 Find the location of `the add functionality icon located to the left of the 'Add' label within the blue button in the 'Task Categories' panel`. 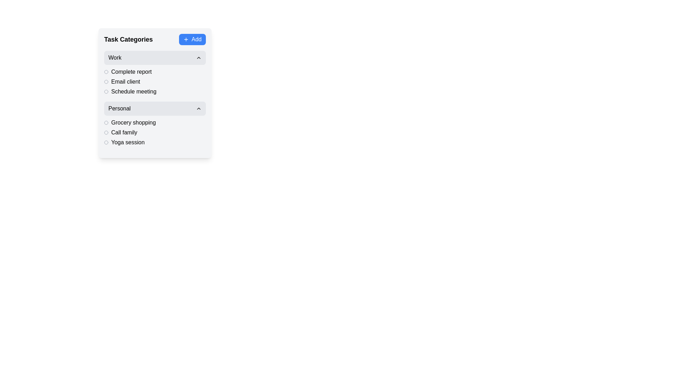

the add functionality icon located to the left of the 'Add' label within the blue button in the 'Task Categories' panel is located at coordinates (186, 39).